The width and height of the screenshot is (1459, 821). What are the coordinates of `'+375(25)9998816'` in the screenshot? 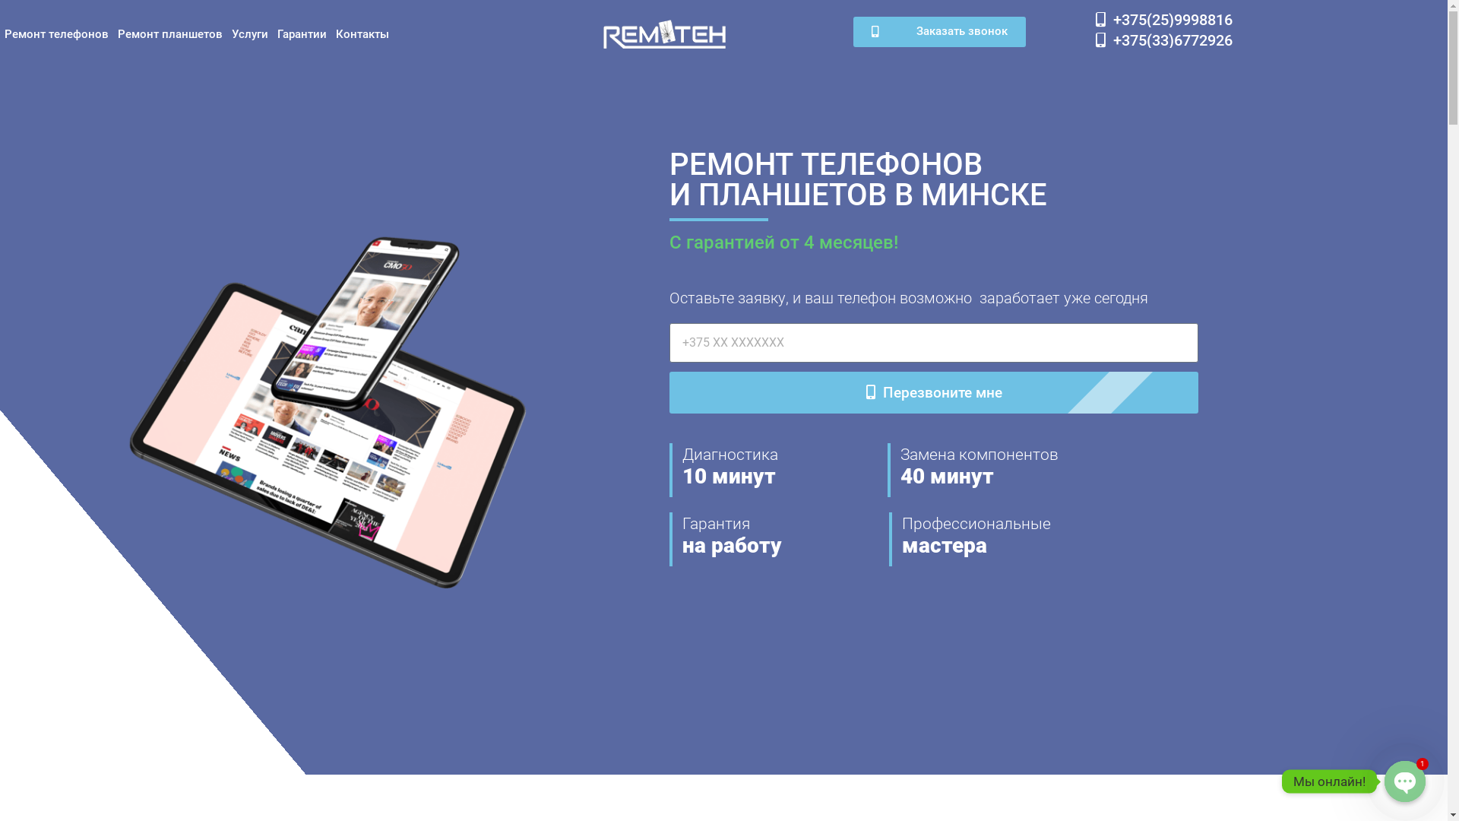 It's located at (1163, 20).